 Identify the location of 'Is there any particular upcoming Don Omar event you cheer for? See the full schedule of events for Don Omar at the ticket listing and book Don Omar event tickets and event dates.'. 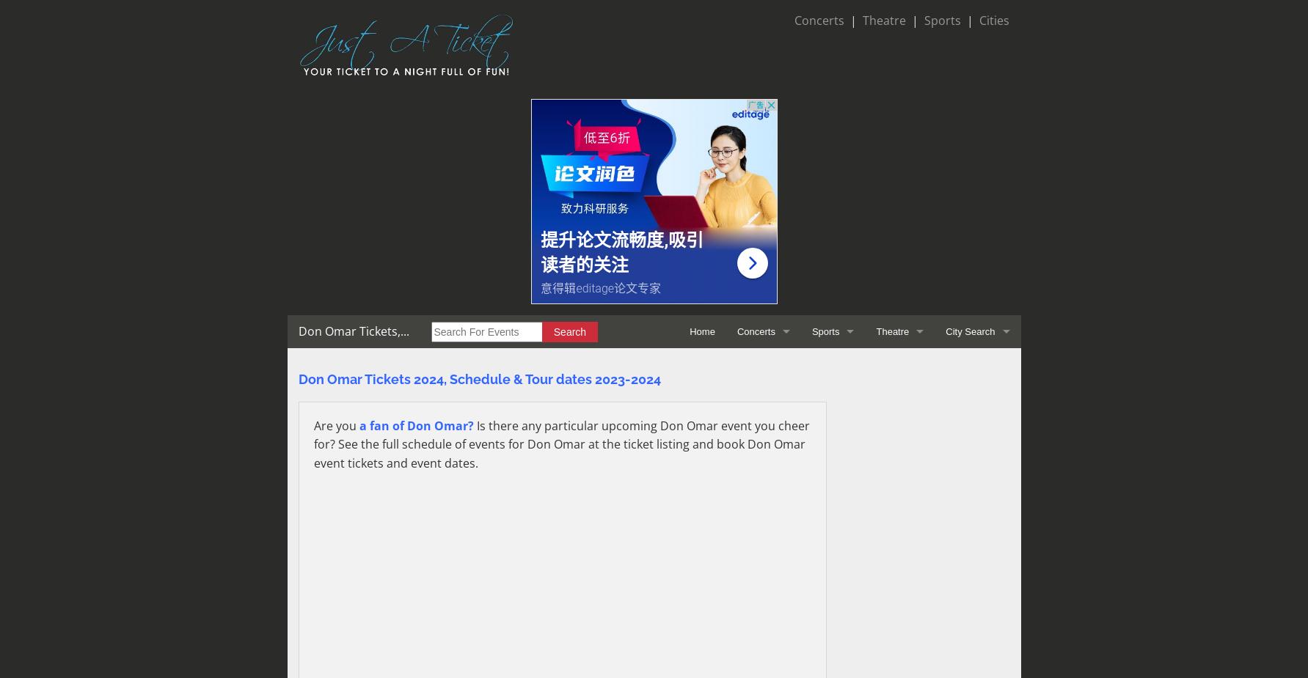
(560, 443).